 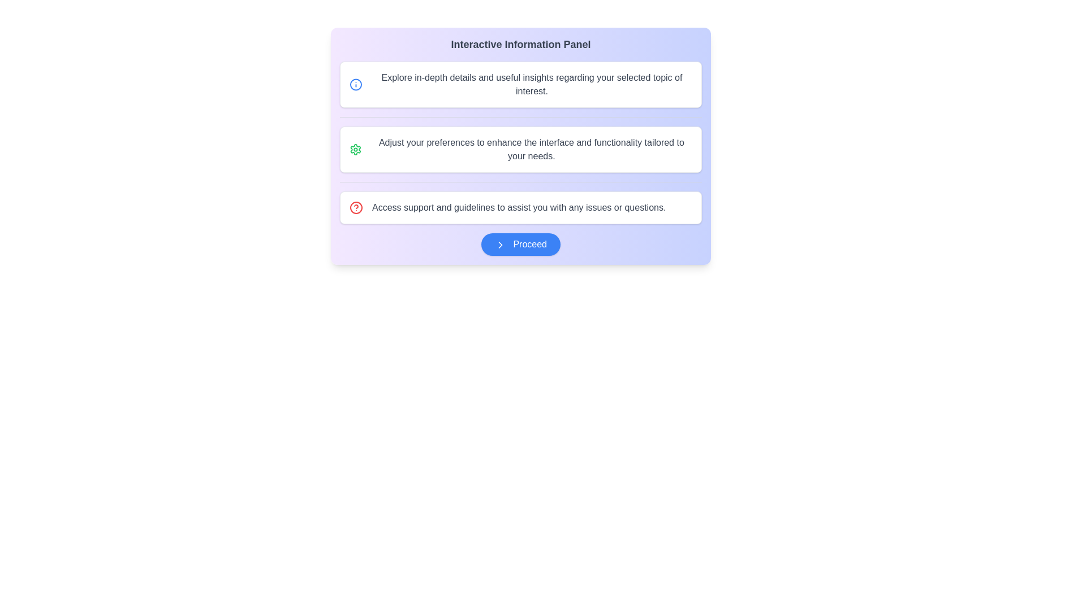 What do you see at coordinates (520, 181) in the screenshot?
I see `the horizontal gray divider located between the second and third sections of the Interactive Information Panel` at bounding box center [520, 181].